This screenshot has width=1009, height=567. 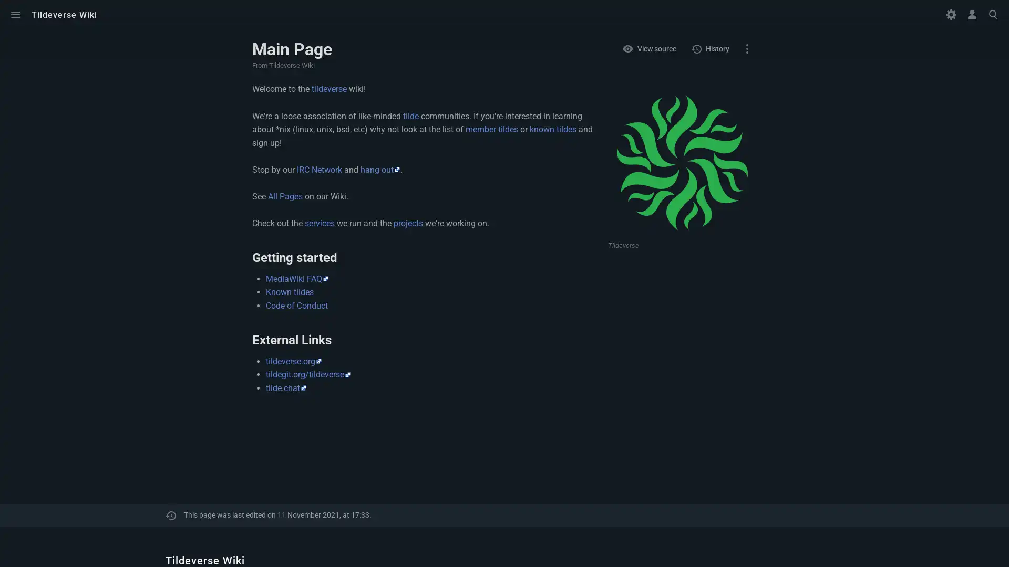 I want to click on Toggle menu, so click(x=15, y=14).